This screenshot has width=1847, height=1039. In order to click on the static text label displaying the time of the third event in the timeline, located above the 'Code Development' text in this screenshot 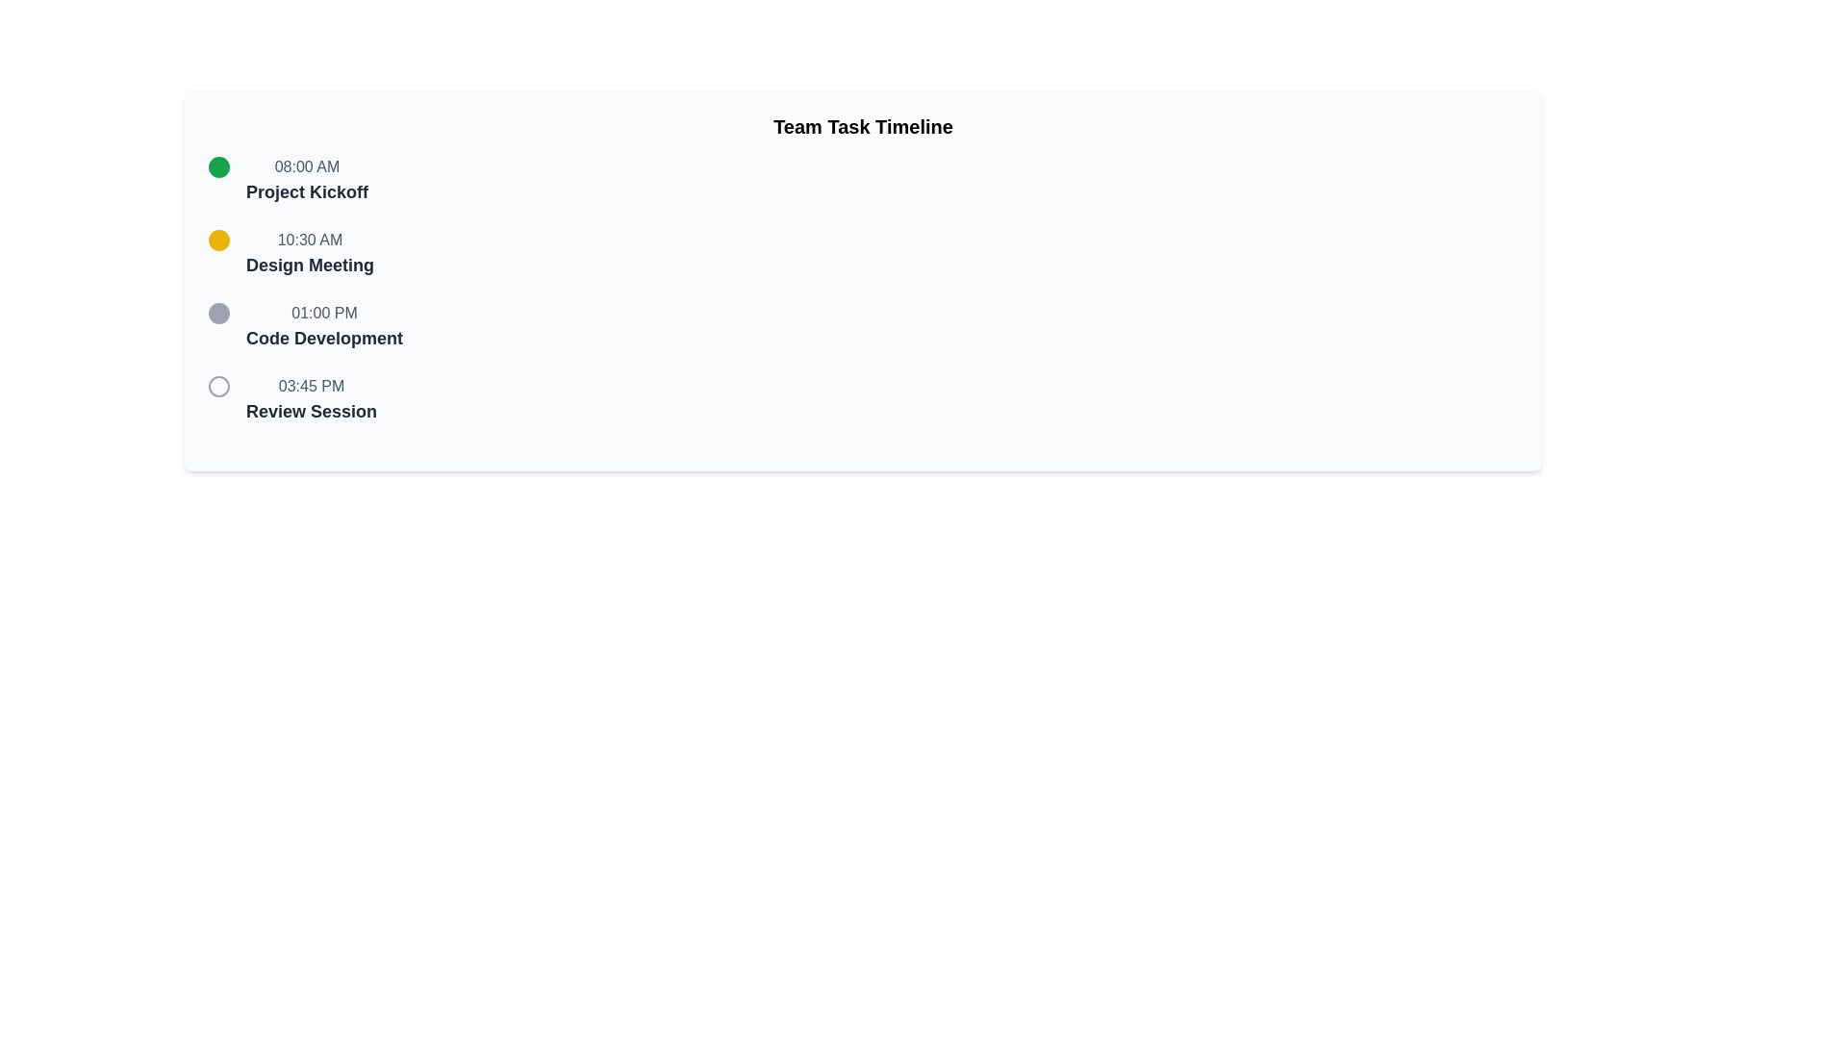, I will do `click(324, 313)`.